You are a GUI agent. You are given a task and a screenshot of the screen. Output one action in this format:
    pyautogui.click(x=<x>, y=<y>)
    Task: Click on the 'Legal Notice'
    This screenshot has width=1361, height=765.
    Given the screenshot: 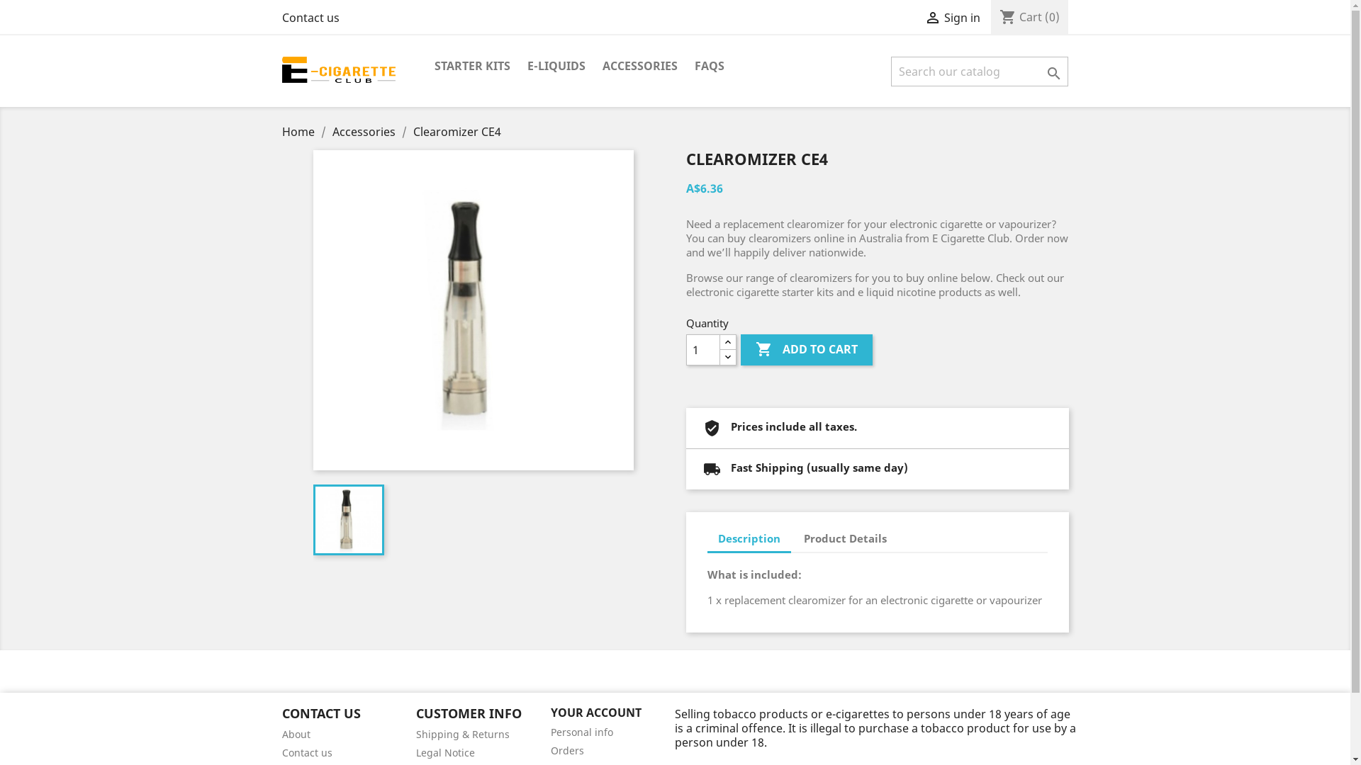 What is the action you would take?
    pyautogui.click(x=415, y=752)
    